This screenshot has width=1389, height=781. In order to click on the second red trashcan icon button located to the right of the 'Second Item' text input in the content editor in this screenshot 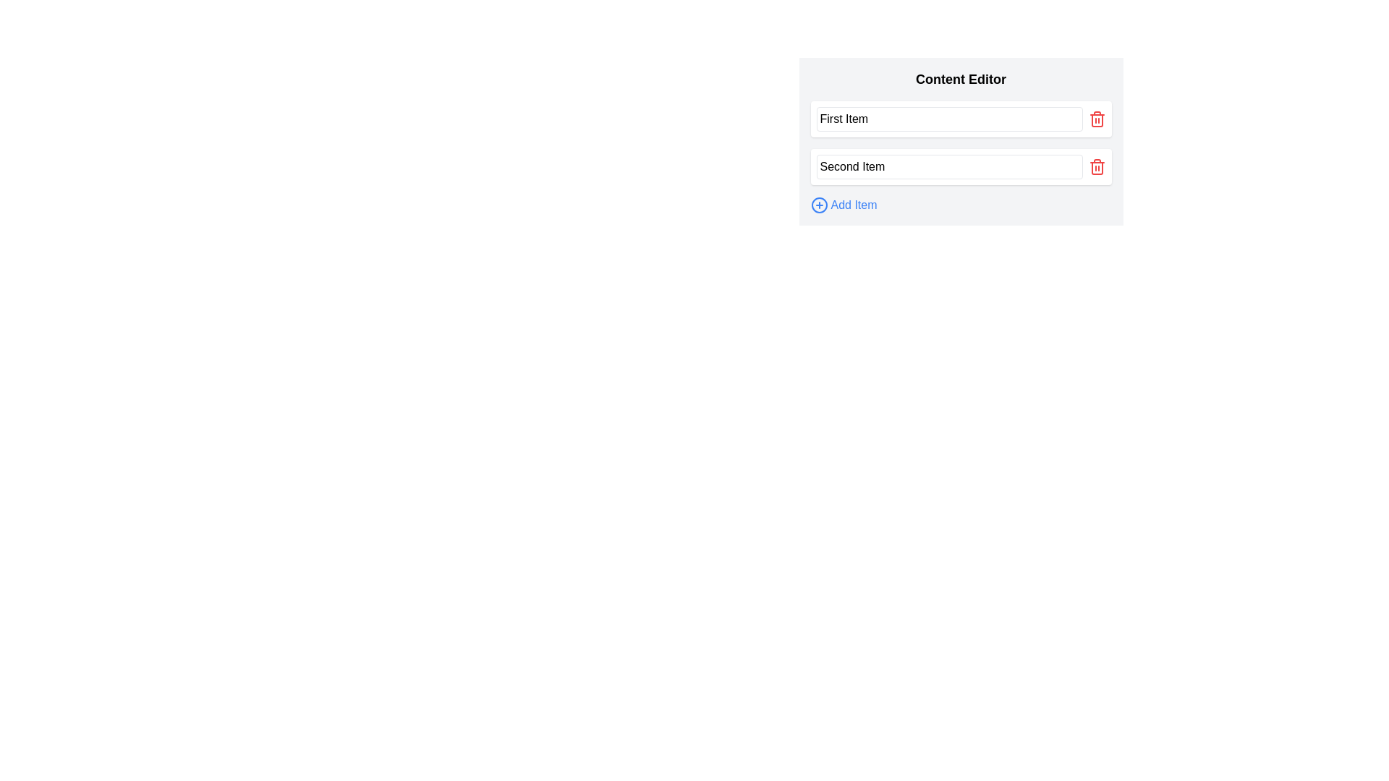, I will do `click(1097, 166)`.